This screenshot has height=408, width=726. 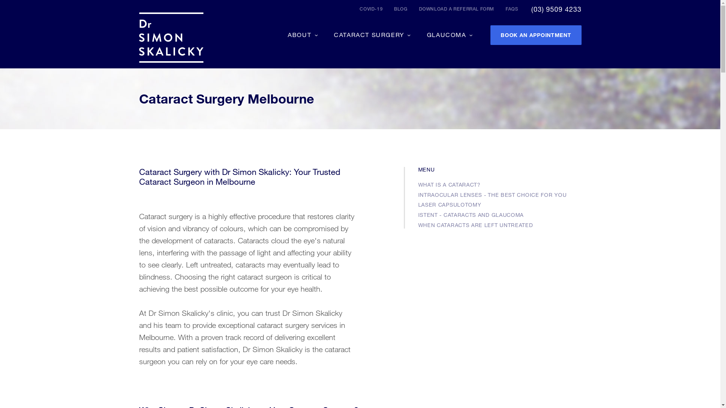 I want to click on 'Dr Simon Skalicky', so click(x=171, y=37).